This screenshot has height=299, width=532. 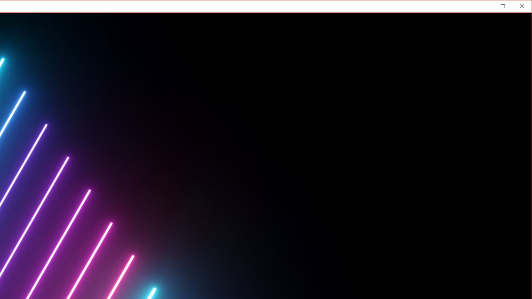 What do you see at coordinates (515, 8) in the screenshot?
I see `'Maximize'` at bounding box center [515, 8].